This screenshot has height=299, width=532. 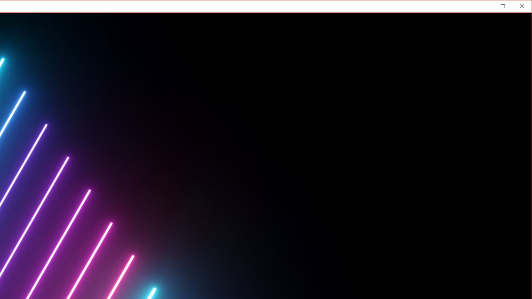 What do you see at coordinates (515, 8) in the screenshot?
I see `'Maximize'` at bounding box center [515, 8].